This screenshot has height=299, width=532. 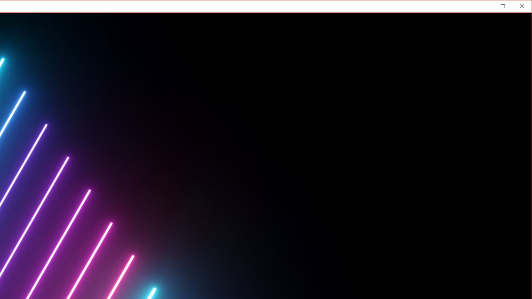 What do you see at coordinates (515, 8) in the screenshot?
I see `'Maximize'` at bounding box center [515, 8].